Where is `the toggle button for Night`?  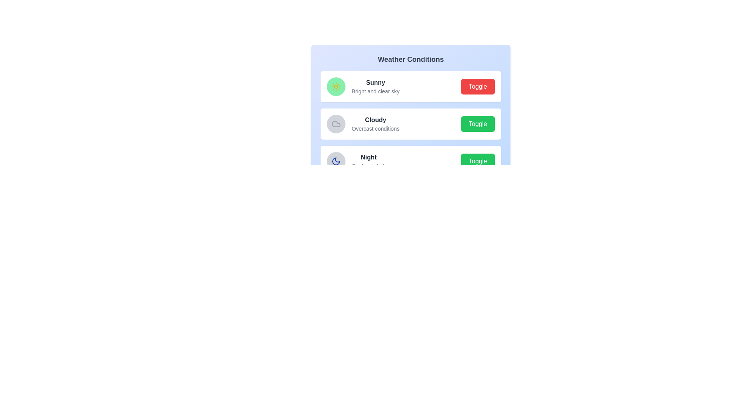
the toggle button for Night is located at coordinates (477, 161).